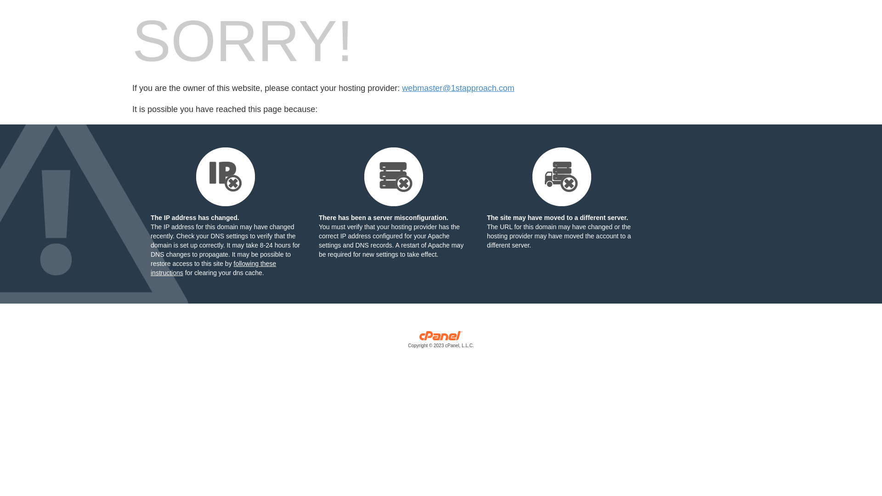 Image resolution: width=882 pixels, height=496 pixels. Describe the element at coordinates (213, 268) in the screenshot. I see `'following these instructions'` at that location.